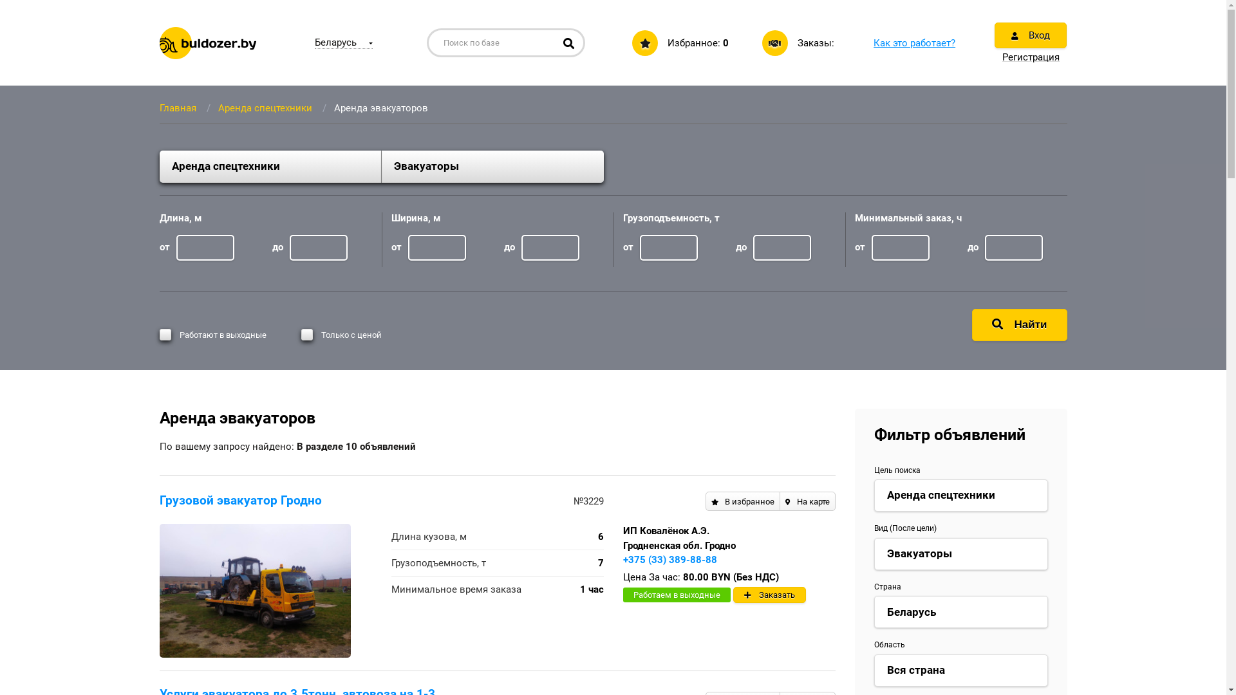 The width and height of the screenshot is (1236, 695). What do you see at coordinates (669, 559) in the screenshot?
I see `'+375 (33) 389-88-88'` at bounding box center [669, 559].